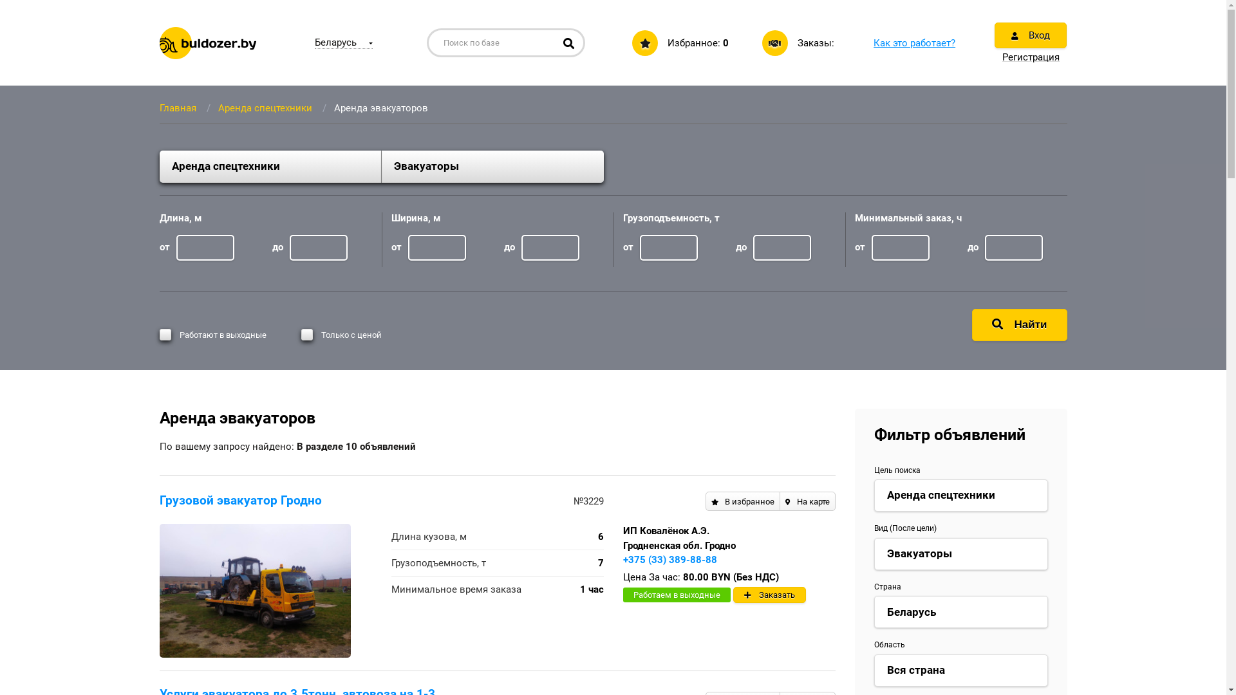 The width and height of the screenshot is (1236, 695). What do you see at coordinates (669, 559) in the screenshot?
I see `'+375 (33) 389-88-88'` at bounding box center [669, 559].